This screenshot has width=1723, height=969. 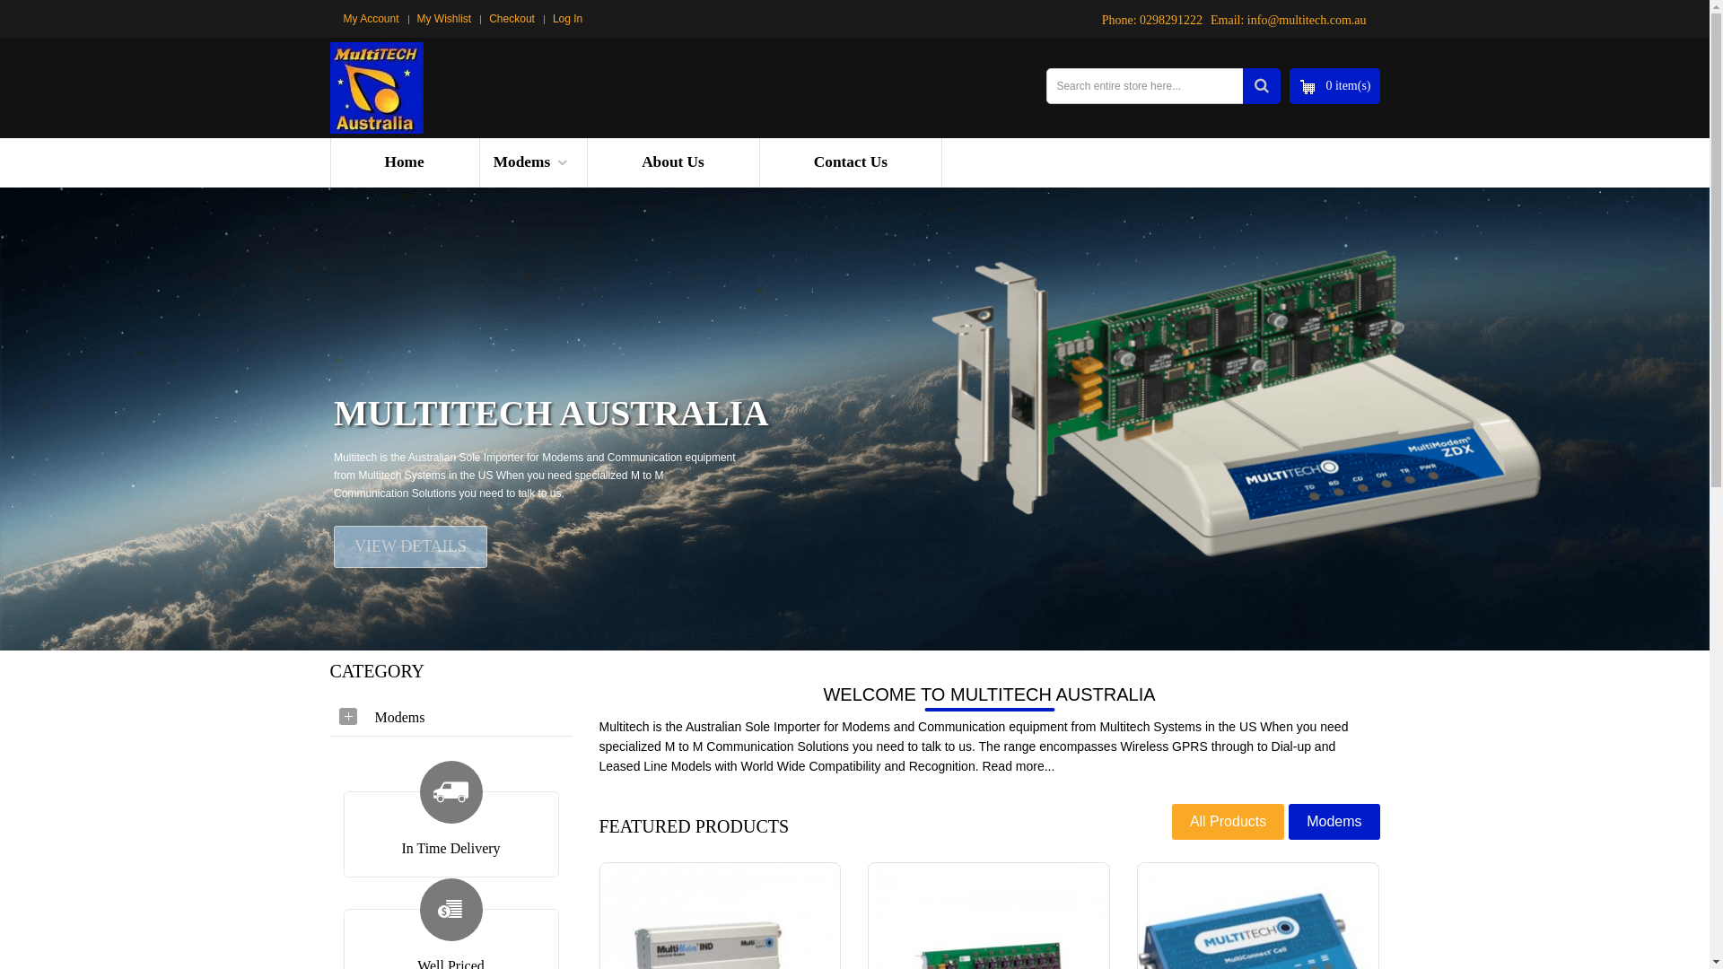 What do you see at coordinates (671, 162) in the screenshot?
I see `'About Us'` at bounding box center [671, 162].